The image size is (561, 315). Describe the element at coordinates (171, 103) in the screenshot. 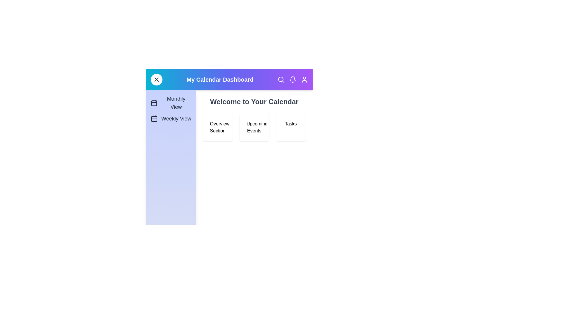

I see `the first option in the vertical navigation menu on the left side of the interface` at that location.